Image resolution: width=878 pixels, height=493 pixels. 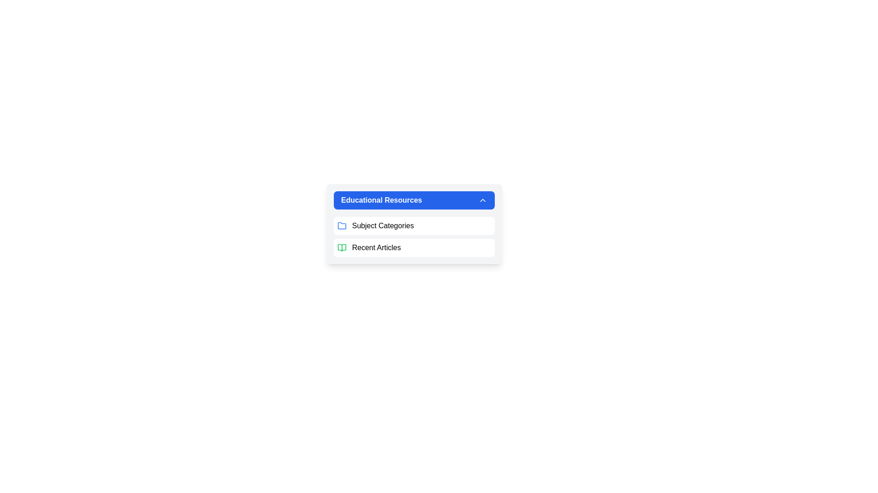 I want to click on text content of the 'Recent Articles' label, which is positioned below the 'Educational Resources' heading and aligned to the right of an open book icon, so click(x=376, y=248).